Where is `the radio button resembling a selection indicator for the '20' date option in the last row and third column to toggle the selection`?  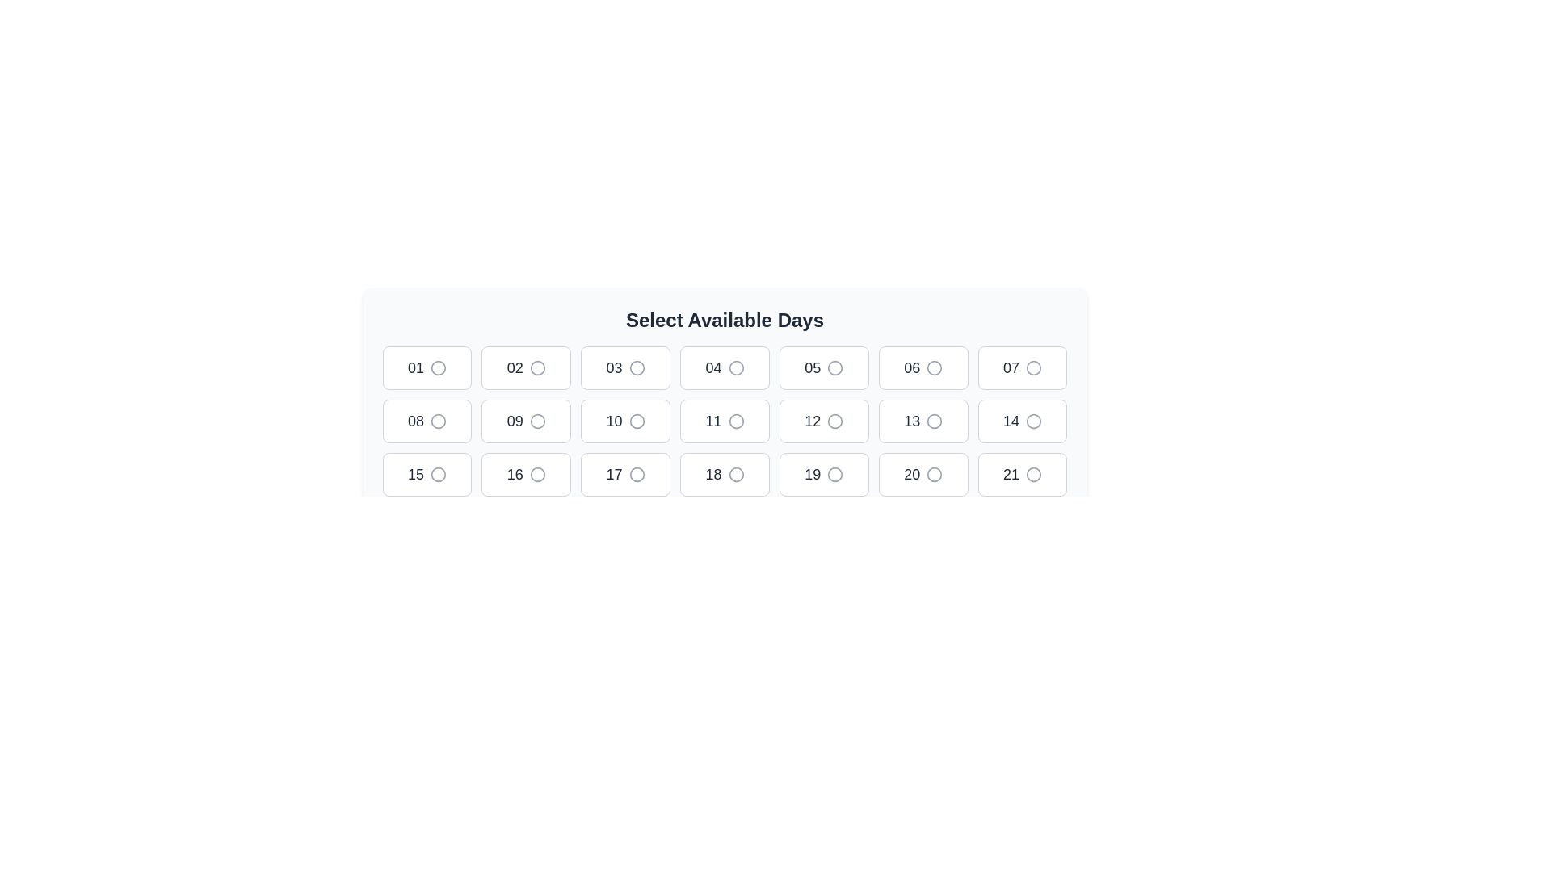
the radio button resembling a selection indicator for the '20' date option in the last row and third column to toggle the selection is located at coordinates (935, 473).